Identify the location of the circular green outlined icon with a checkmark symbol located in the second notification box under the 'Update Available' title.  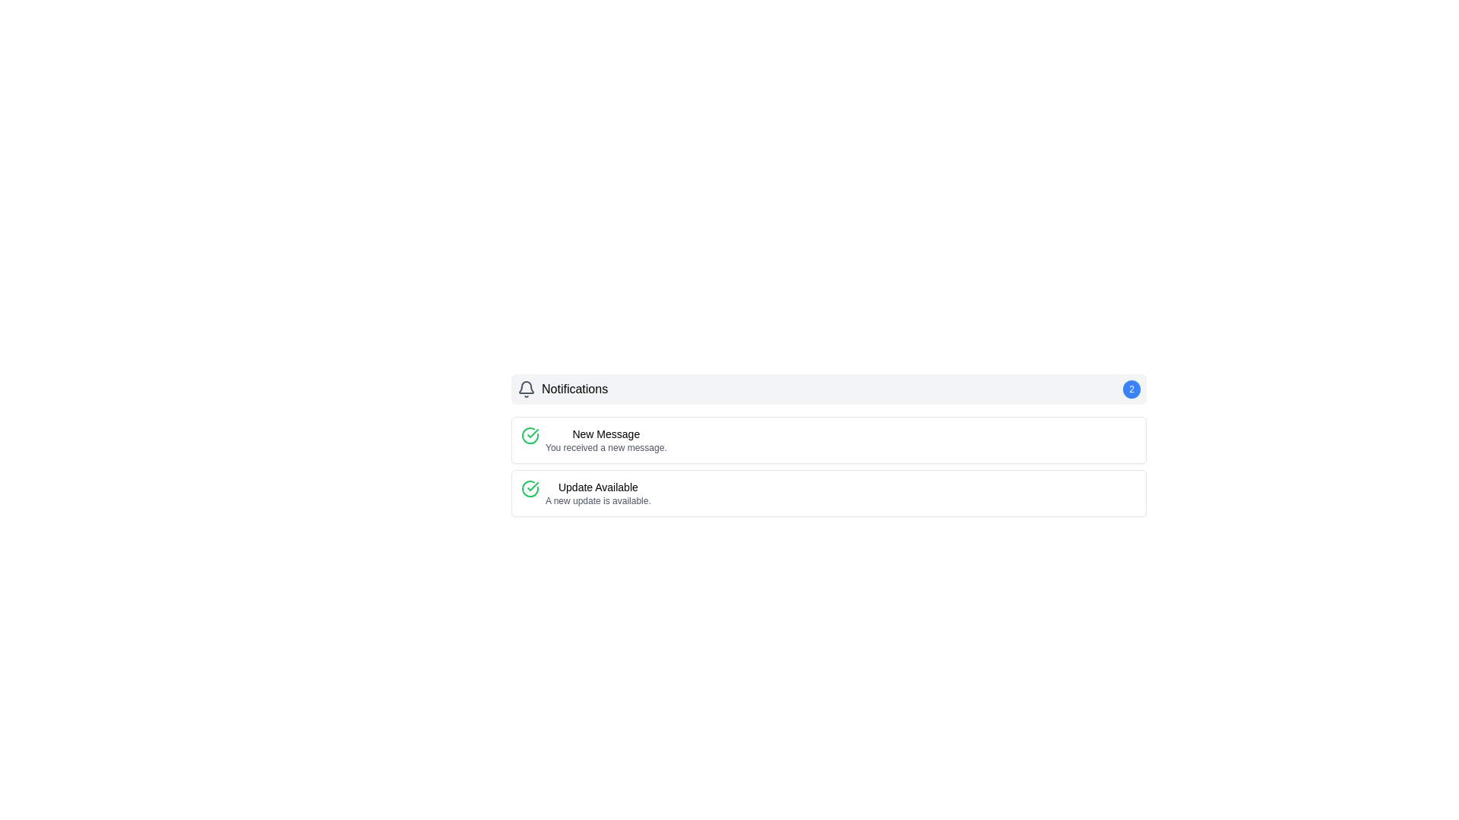
(530, 489).